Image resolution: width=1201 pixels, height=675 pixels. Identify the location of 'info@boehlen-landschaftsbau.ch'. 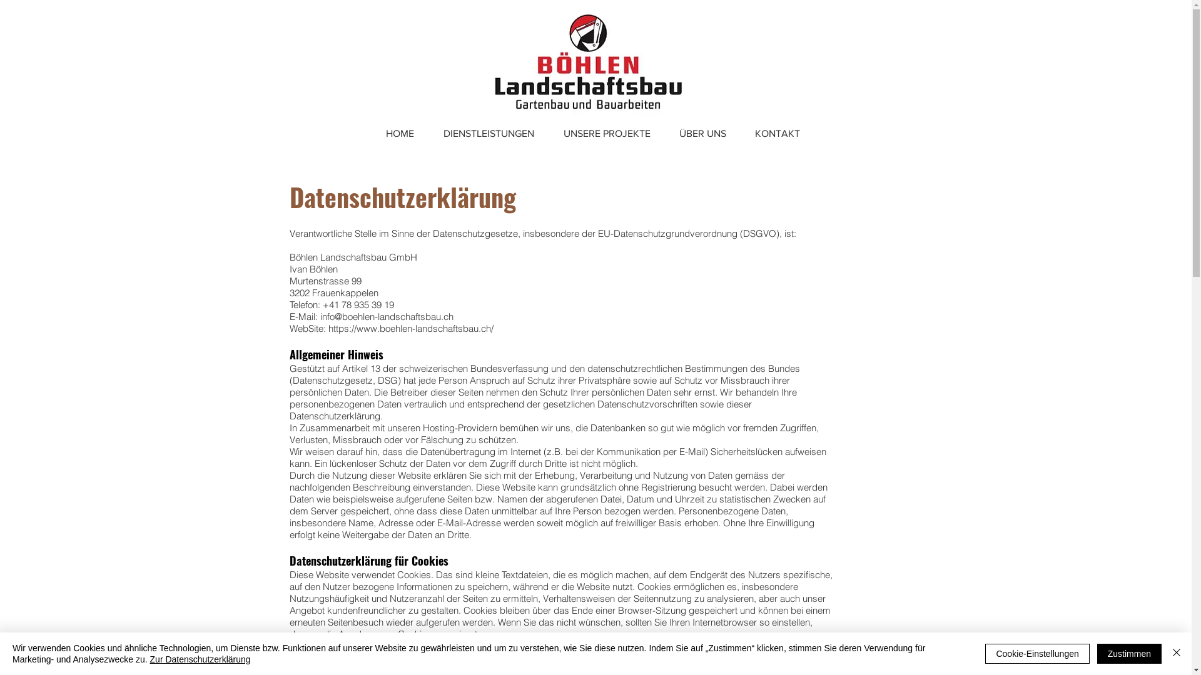
(386, 316).